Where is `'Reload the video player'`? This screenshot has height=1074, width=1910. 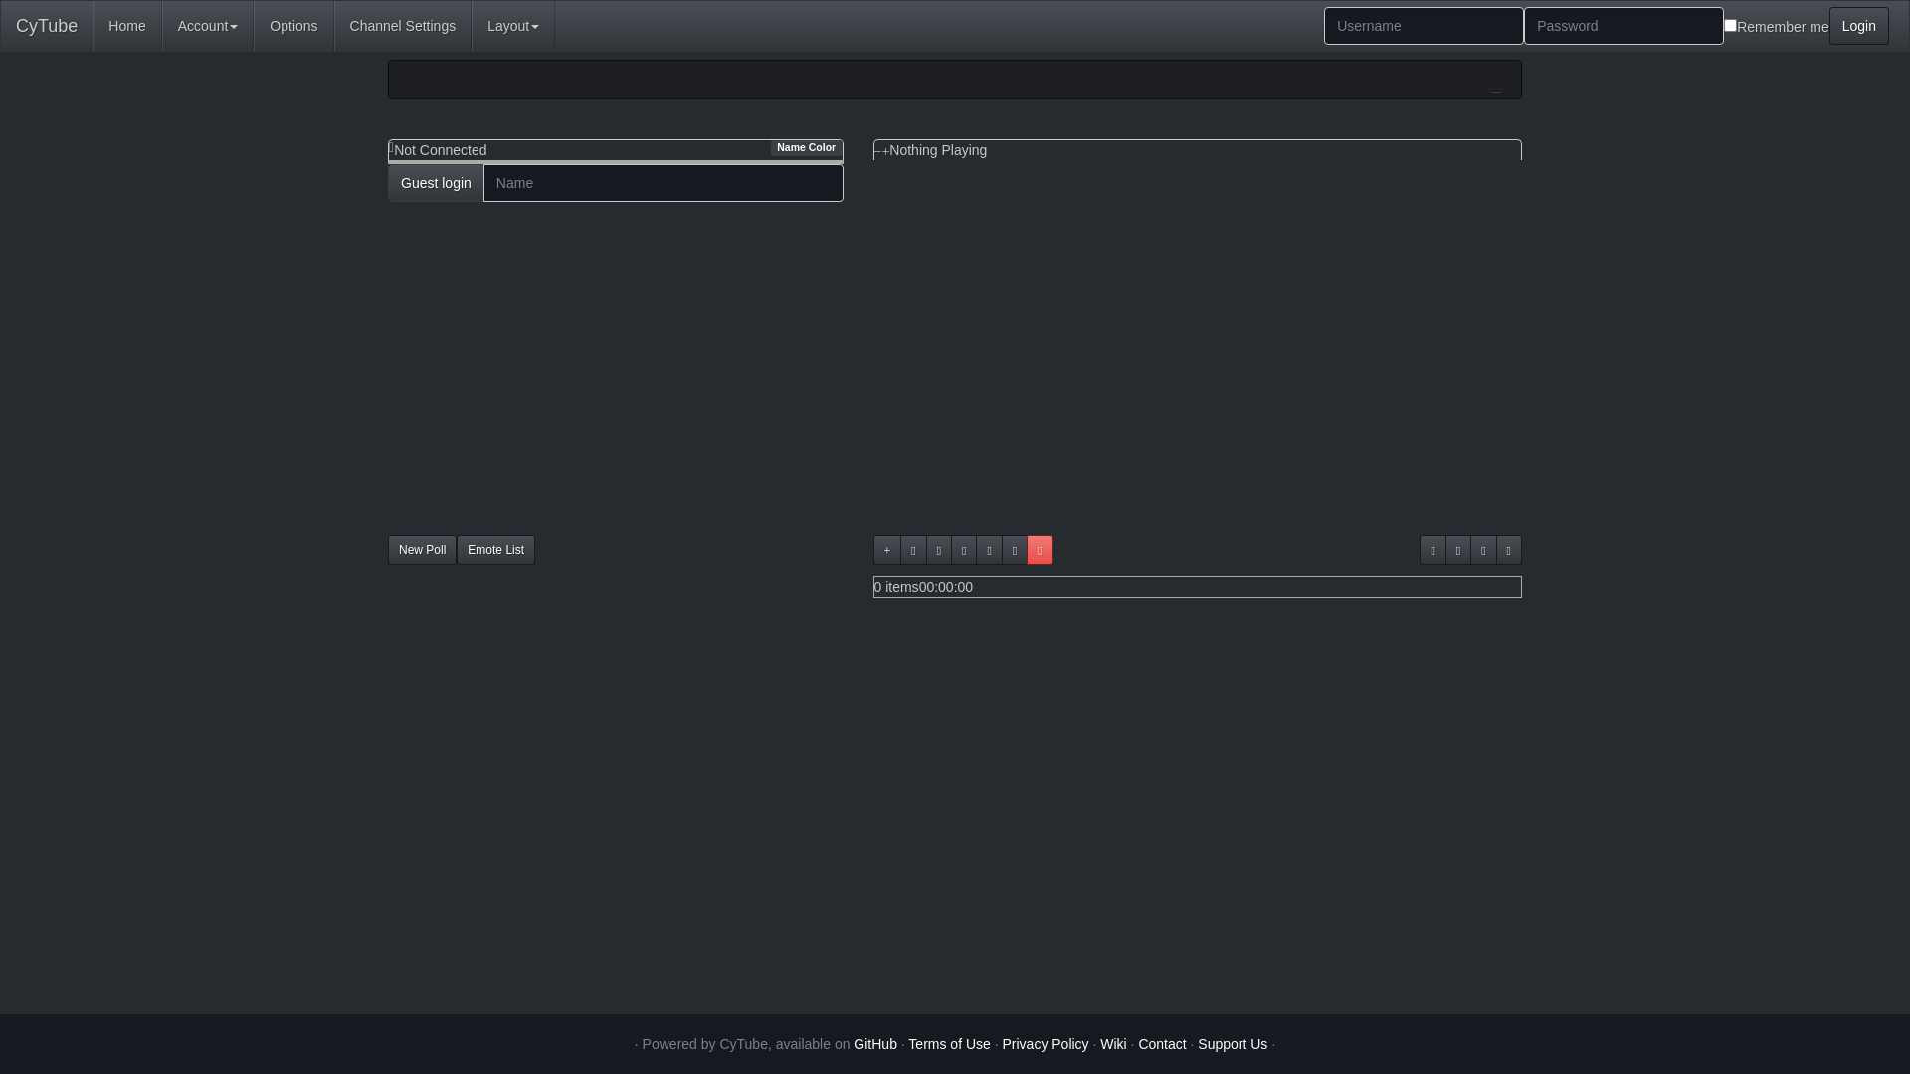
'Reload the video player' is located at coordinates (1432, 549).